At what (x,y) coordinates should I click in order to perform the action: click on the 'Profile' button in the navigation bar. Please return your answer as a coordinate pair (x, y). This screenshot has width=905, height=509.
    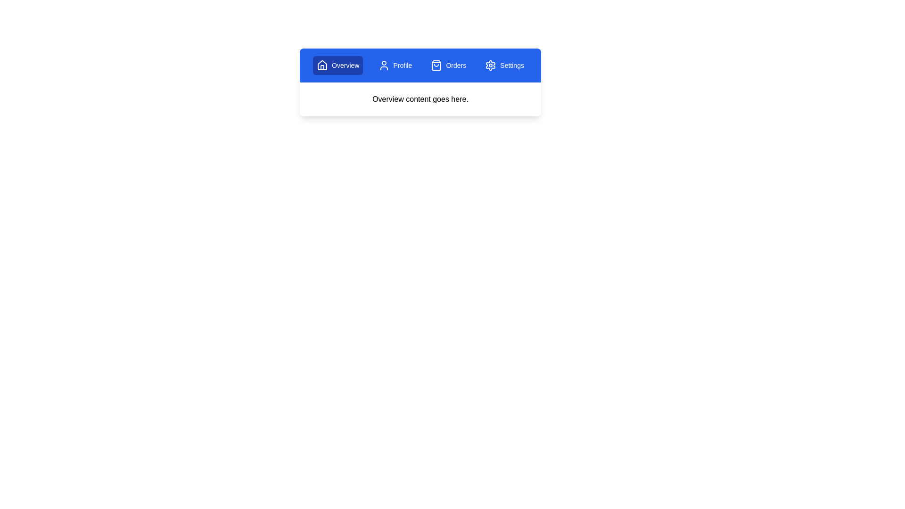
    Looking at the image, I should click on (395, 65).